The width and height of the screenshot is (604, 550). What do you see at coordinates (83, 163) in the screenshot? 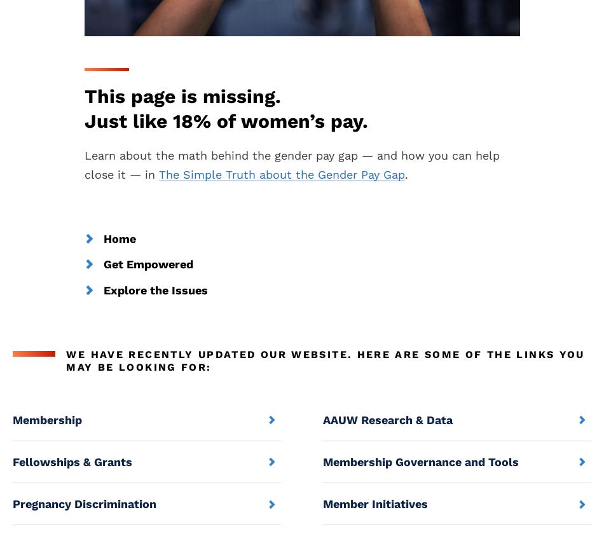
I see `'Learn about the math behind the gender pay gap — and how you can help close it — in'` at bounding box center [83, 163].